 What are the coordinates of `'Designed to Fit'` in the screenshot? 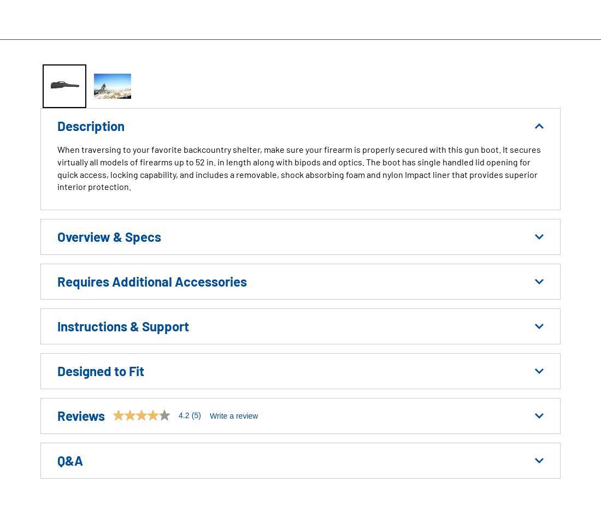 It's located at (100, 370).